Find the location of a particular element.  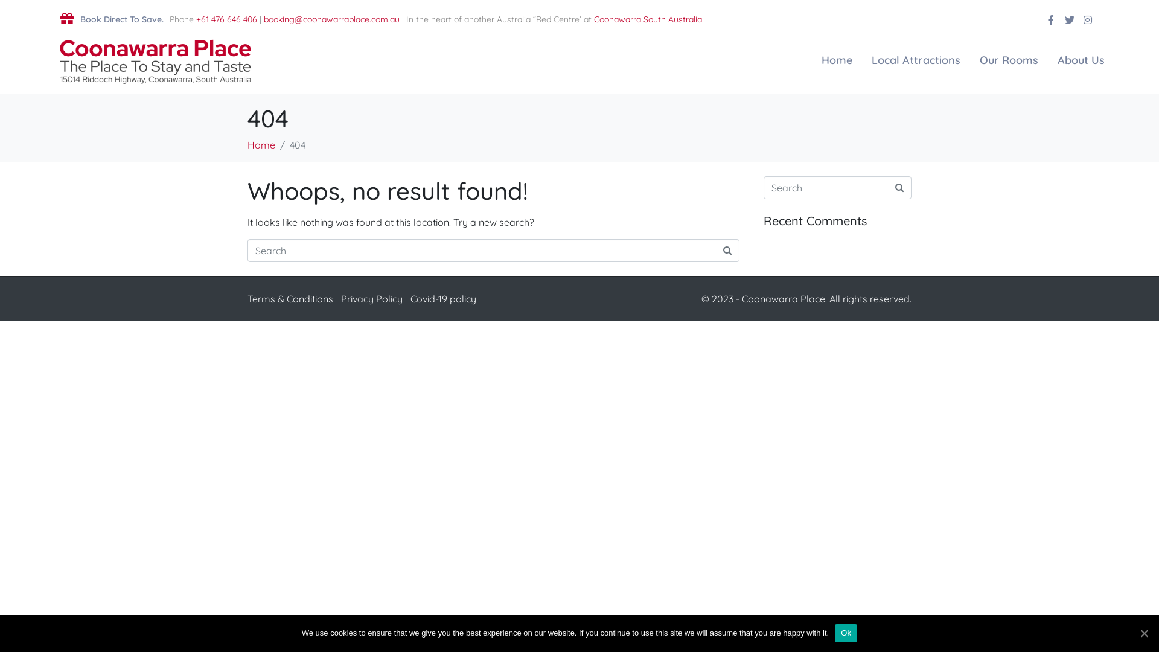

'booking@coonawarraplace.com.au' is located at coordinates (331, 19).